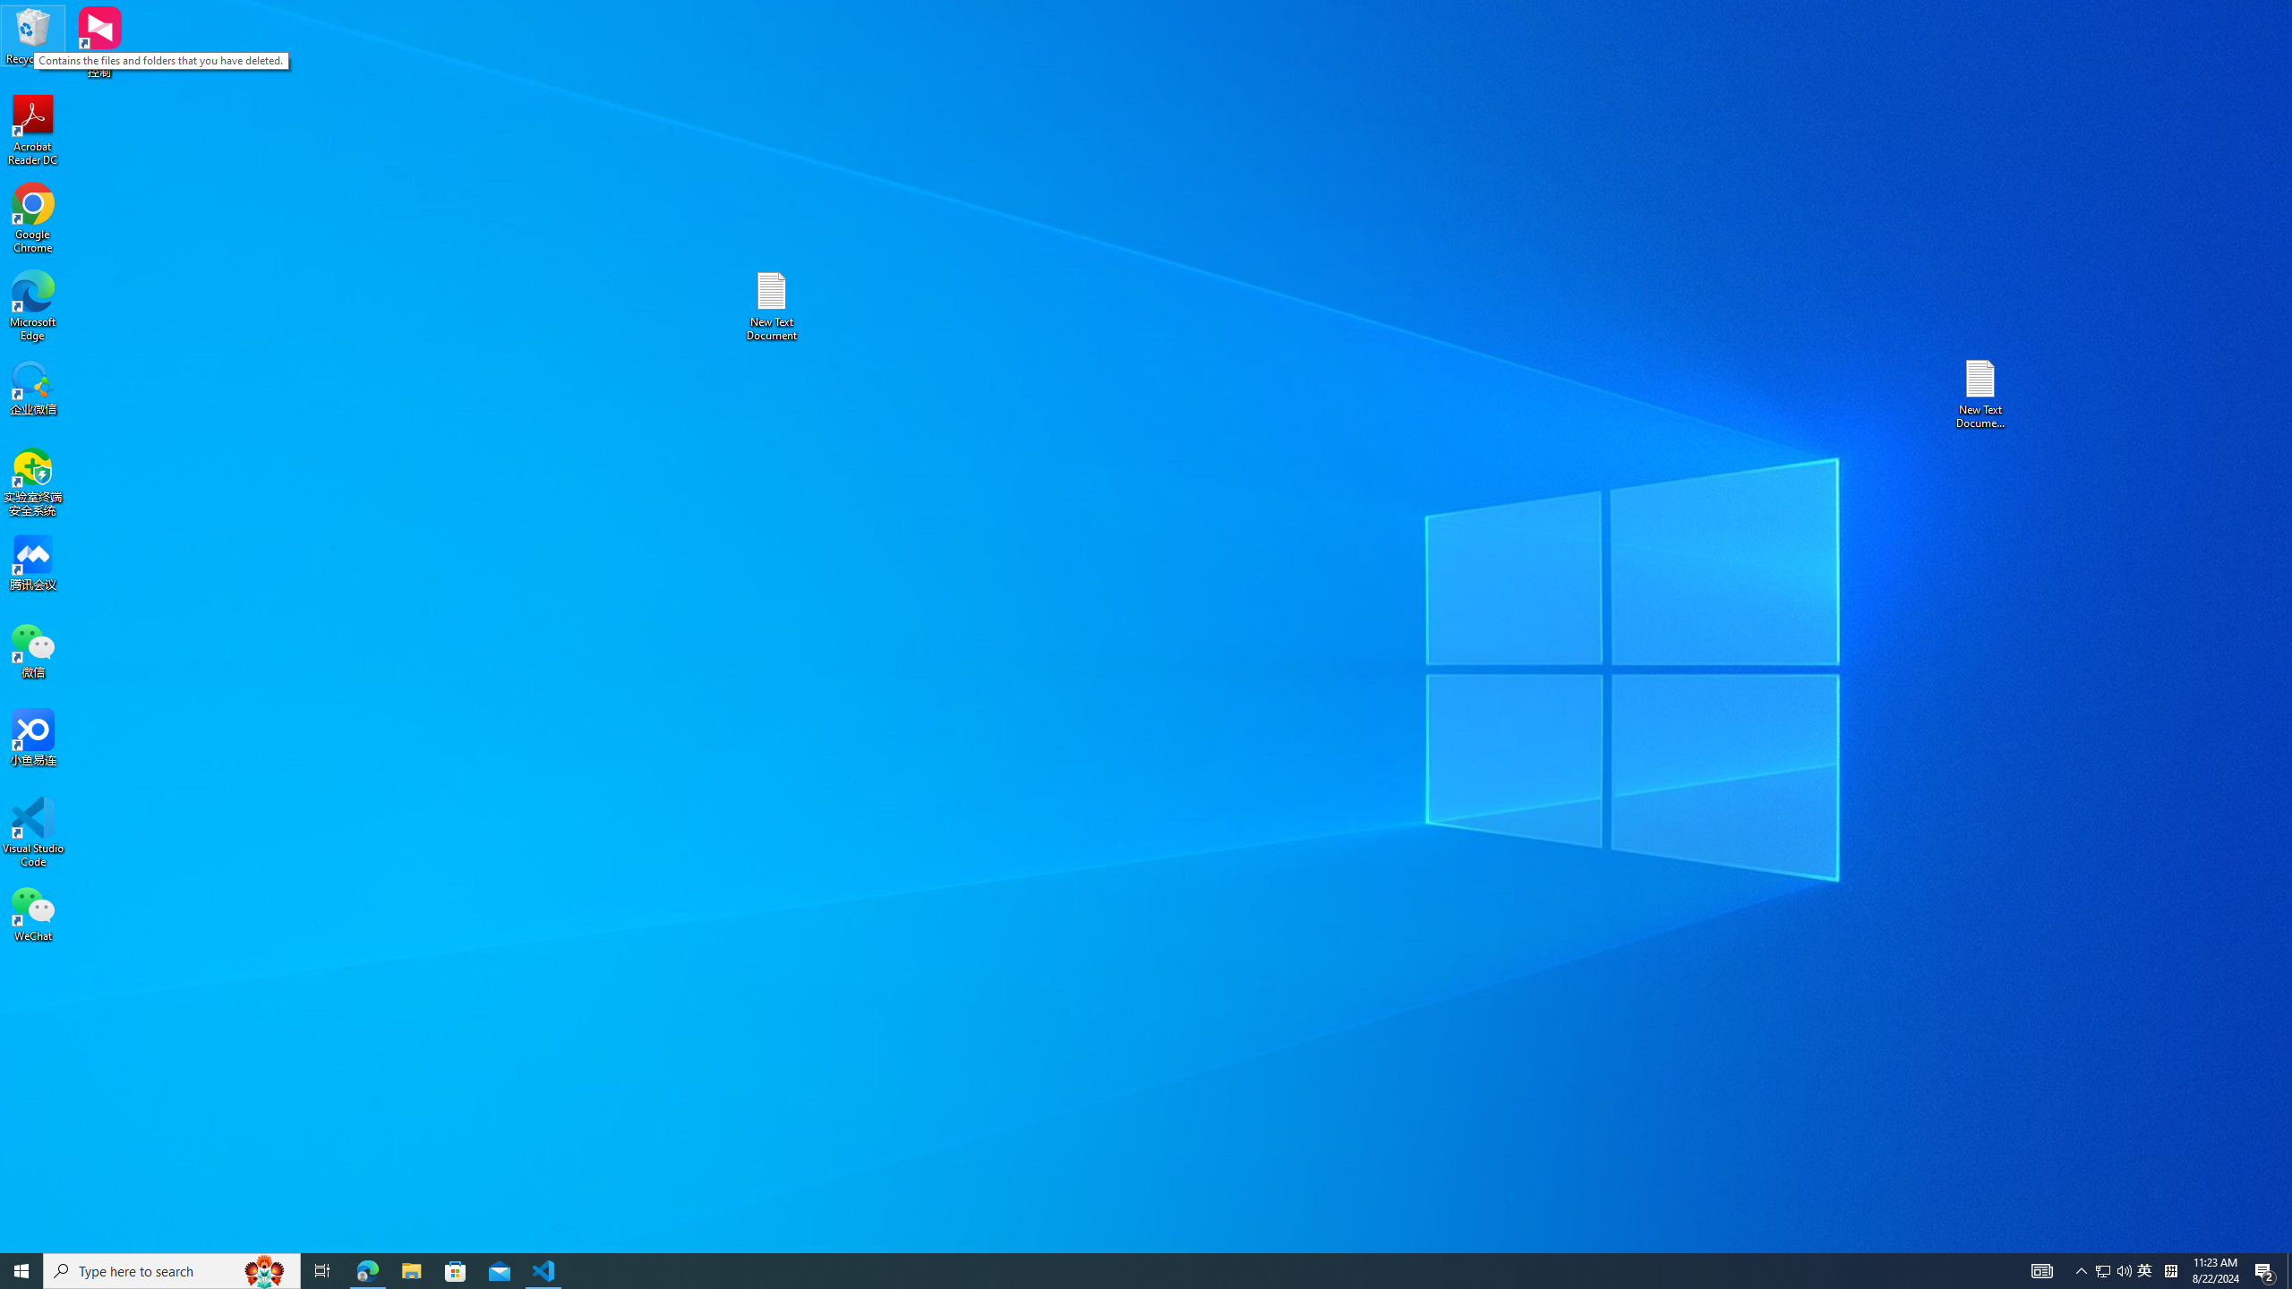  What do you see at coordinates (2040, 1269) in the screenshot?
I see `'AutomationID: 4105'` at bounding box center [2040, 1269].